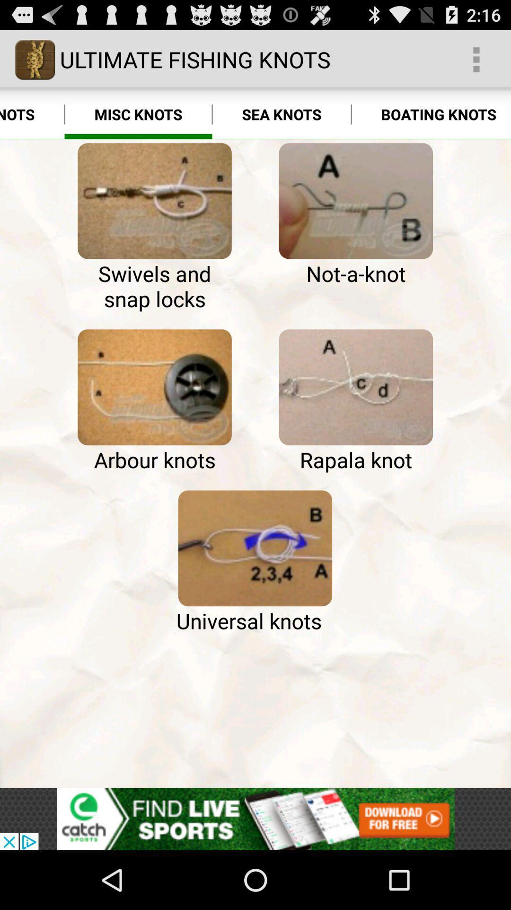  I want to click on rapala knot, so click(356, 387).